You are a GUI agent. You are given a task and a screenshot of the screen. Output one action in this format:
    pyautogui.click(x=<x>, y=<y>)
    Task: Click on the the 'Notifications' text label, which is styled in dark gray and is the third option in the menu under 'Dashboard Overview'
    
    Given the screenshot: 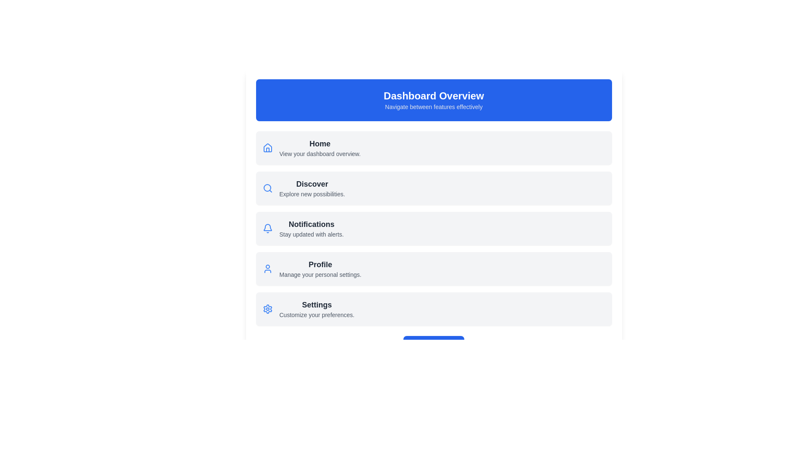 What is the action you would take?
    pyautogui.click(x=311, y=224)
    